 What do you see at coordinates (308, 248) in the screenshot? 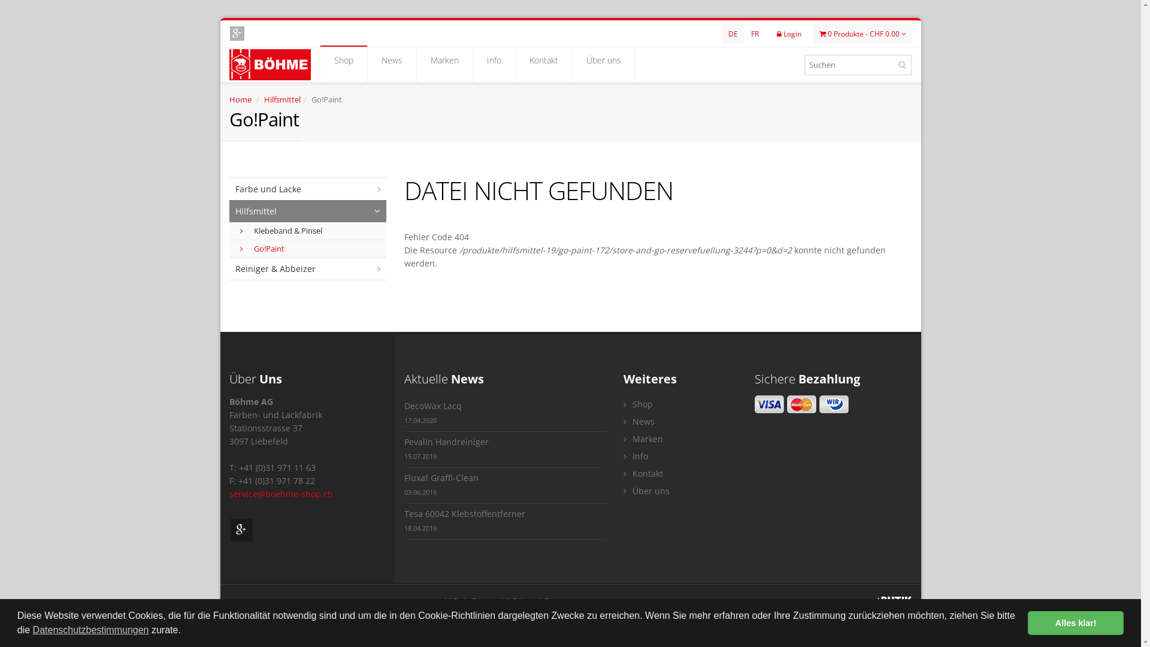
I see `'Go!Paint'` at bounding box center [308, 248].